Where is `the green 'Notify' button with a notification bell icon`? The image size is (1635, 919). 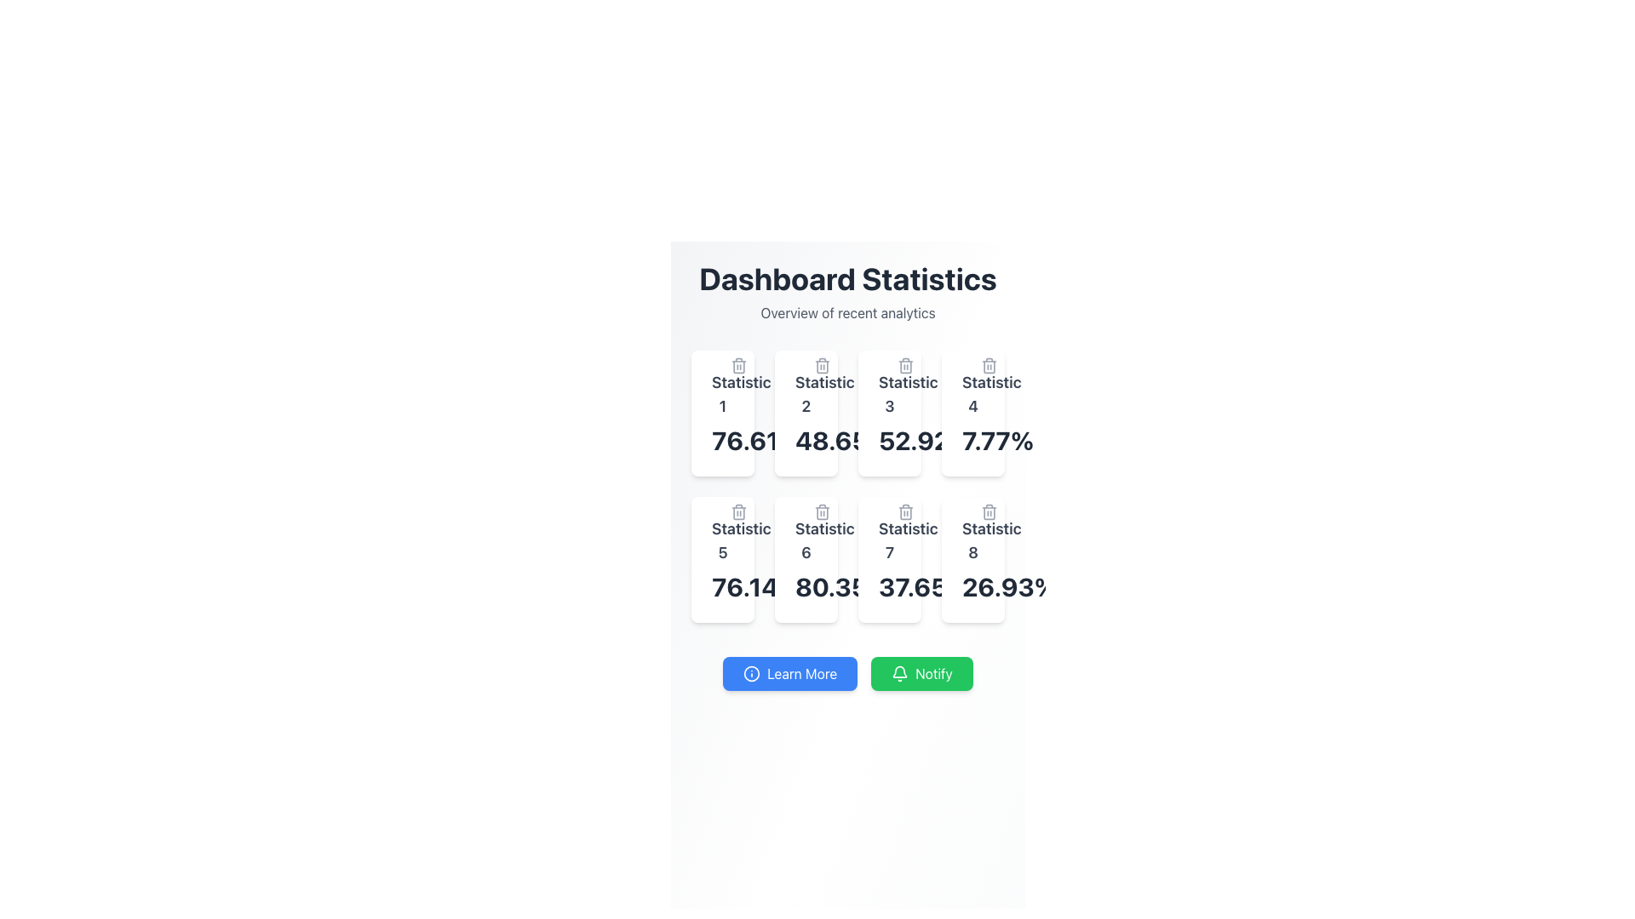
the green 'Notify' button with a notification bell icon is located at coordinates (921, 672).